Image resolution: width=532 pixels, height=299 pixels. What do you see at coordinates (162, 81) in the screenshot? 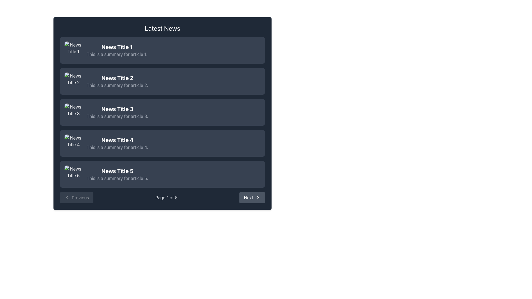
I see `the second information card in the vertically stacked list of news articles` at bounding box center [162, 81].